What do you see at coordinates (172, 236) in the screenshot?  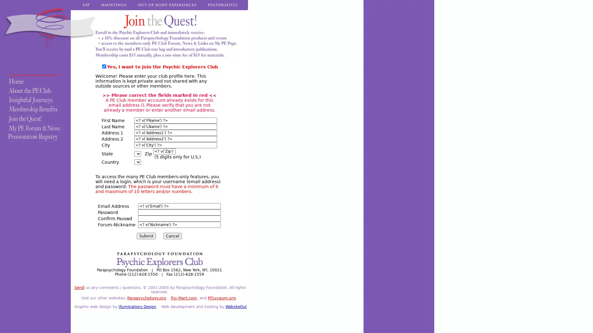 I see `Cancel` at bounding box center [172, 236].